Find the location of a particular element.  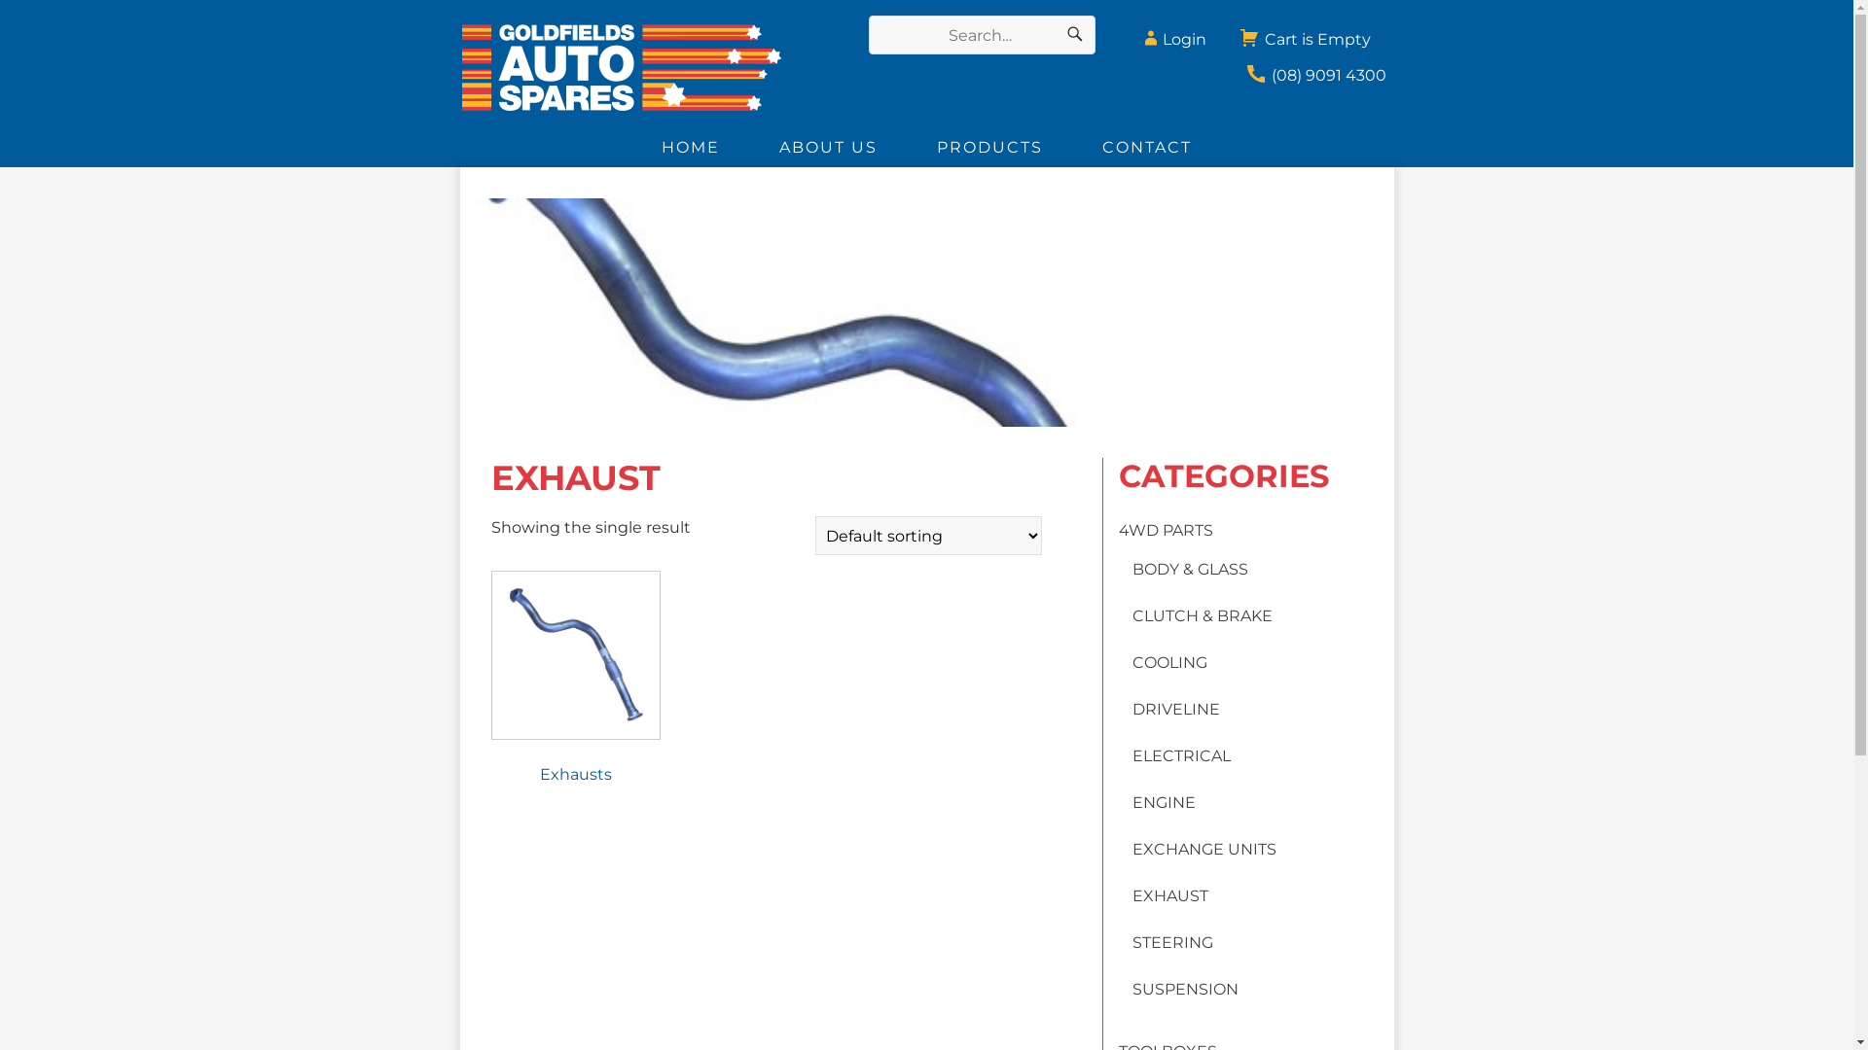

'Return to homepage' is located at coordinates (645, 66).